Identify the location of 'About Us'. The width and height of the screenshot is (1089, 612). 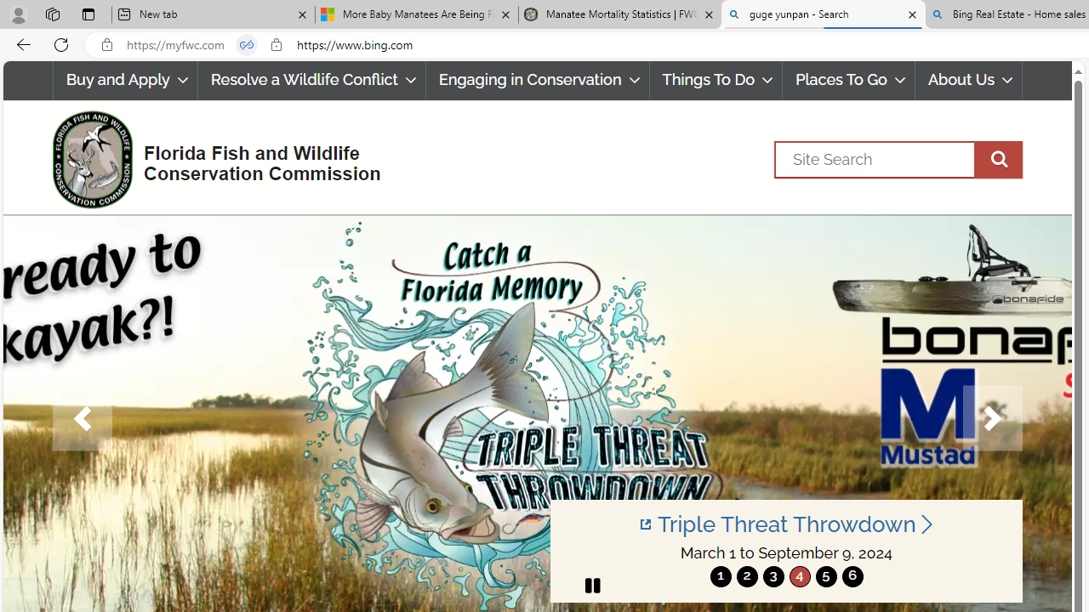
(968, 80).